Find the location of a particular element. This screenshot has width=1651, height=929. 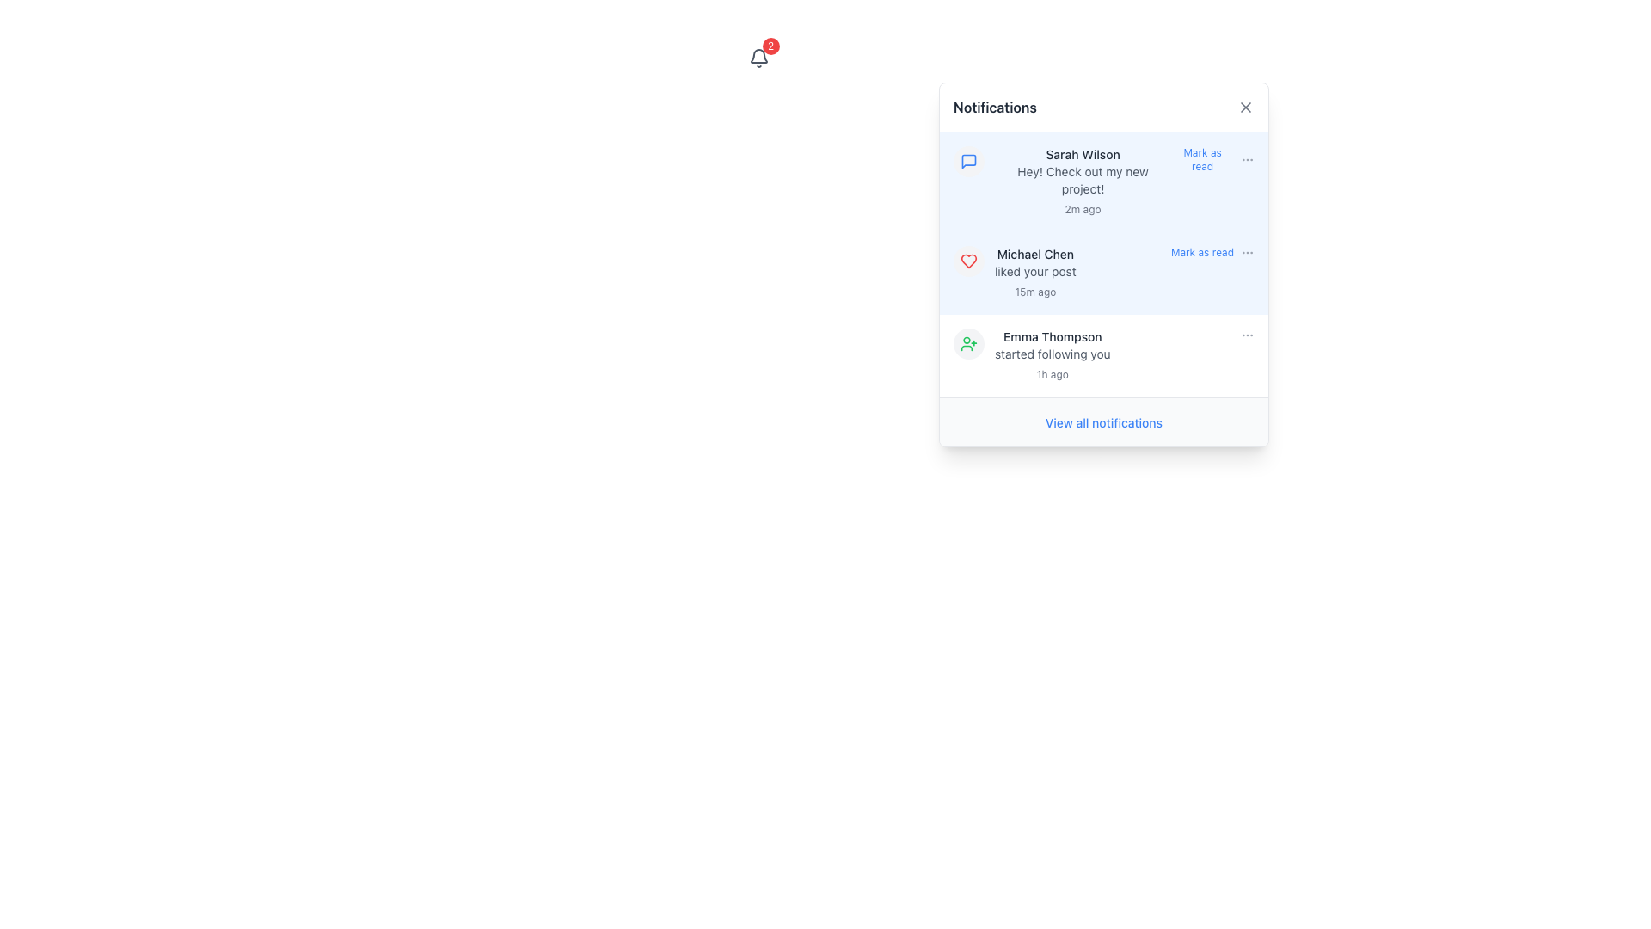

the text label that provides context for the notification, located below the user's name 'Michael Chen' and above the timestamp '15m ago', positioned slightly right under a heart icon is located at coordinates (1034, 271).